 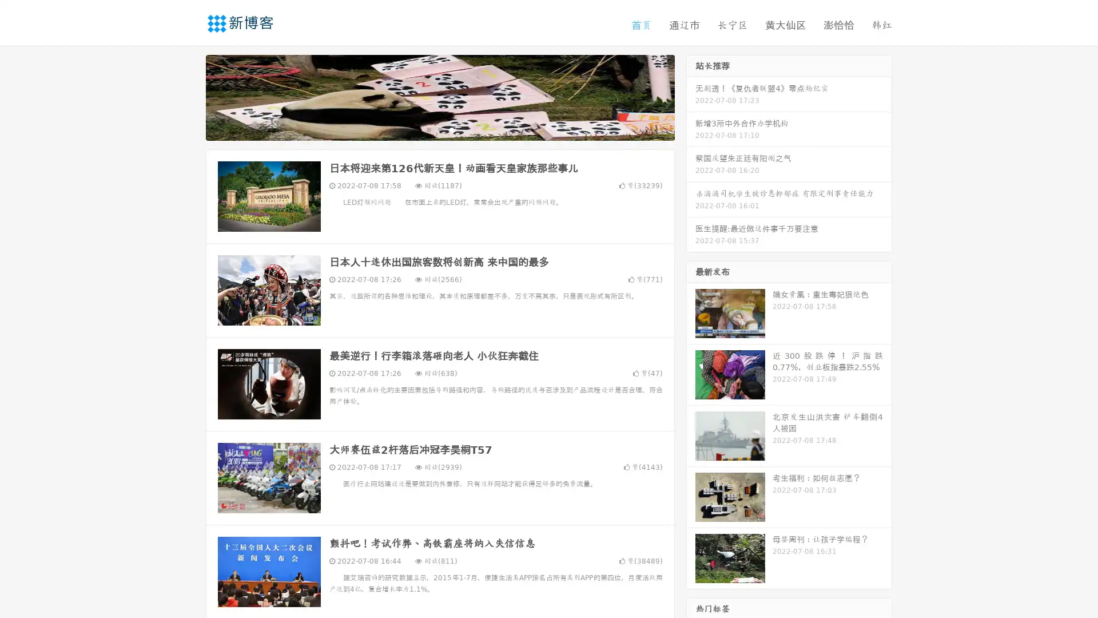 I want to click on Go to slide 1, so click(x=428, y=129).